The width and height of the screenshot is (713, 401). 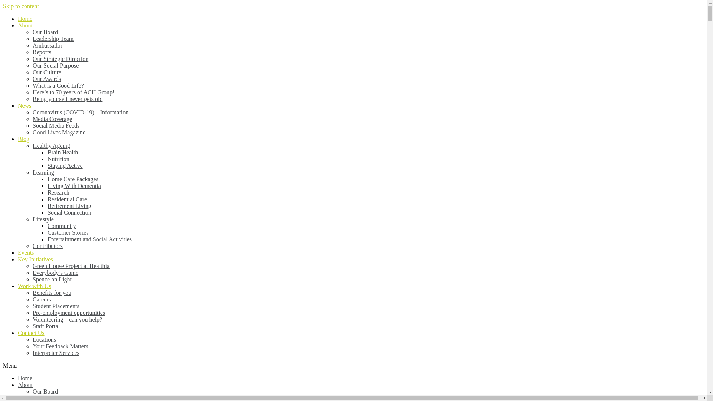 What do you see at coordinates (52, 118) in the screenshot?
I see `'Media Coverage'` at bounding box center [52, 118].